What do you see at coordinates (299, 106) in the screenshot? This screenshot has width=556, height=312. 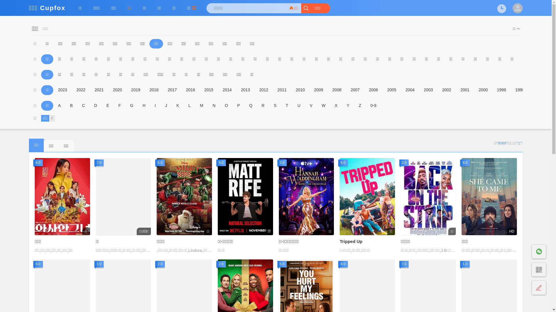 I see `'U'` at bounding box center [299, 106].